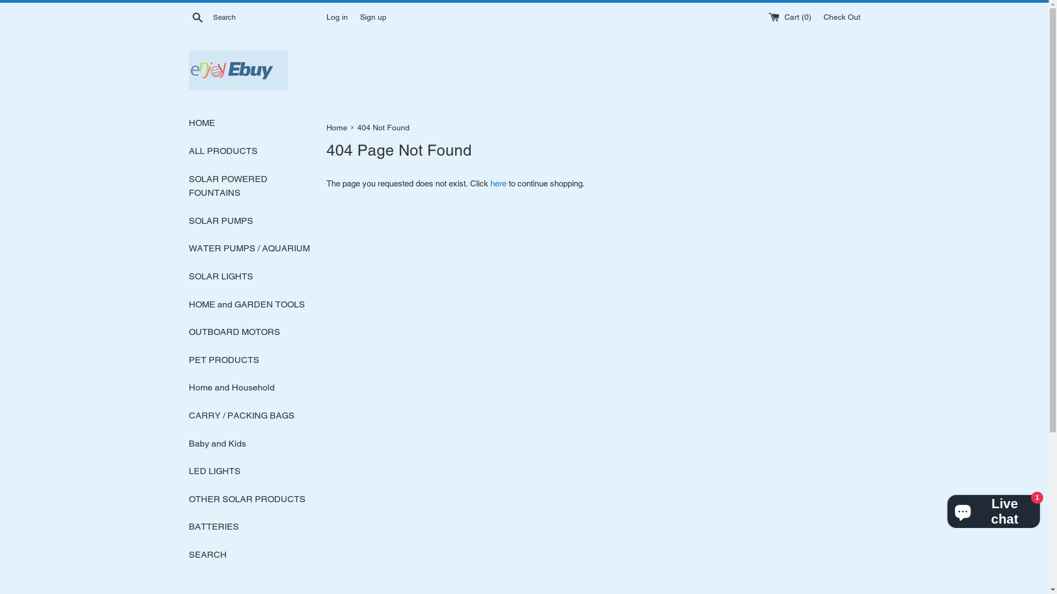 Image resolution: width=1057 pixels, height=594 pixels. What do you see at coordinates (248, 387) in the screenshot?
I see `'Home and Household'` at bounding box center [248, 387].